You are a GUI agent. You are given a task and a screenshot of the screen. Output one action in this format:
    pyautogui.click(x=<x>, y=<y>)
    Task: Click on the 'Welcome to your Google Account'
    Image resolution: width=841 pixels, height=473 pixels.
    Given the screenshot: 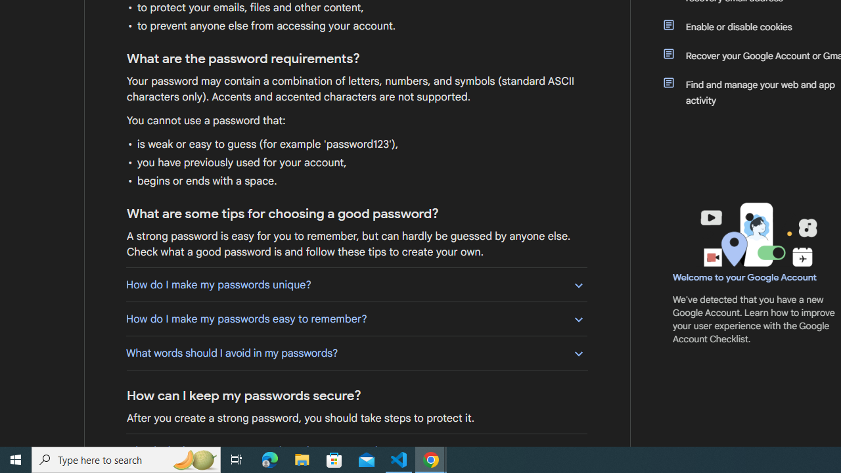 What is the action you would take?
    pyautogui.click(x=745, y=277)
    